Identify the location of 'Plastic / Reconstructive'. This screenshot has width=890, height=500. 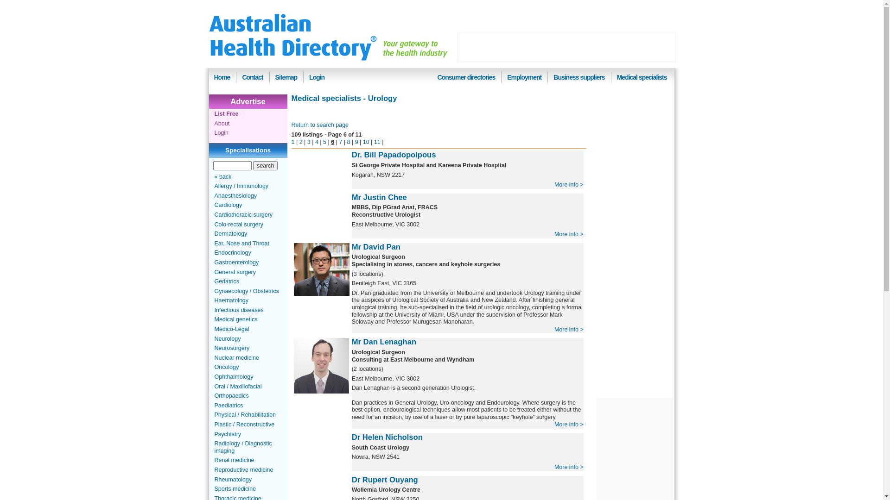
(244, 425).